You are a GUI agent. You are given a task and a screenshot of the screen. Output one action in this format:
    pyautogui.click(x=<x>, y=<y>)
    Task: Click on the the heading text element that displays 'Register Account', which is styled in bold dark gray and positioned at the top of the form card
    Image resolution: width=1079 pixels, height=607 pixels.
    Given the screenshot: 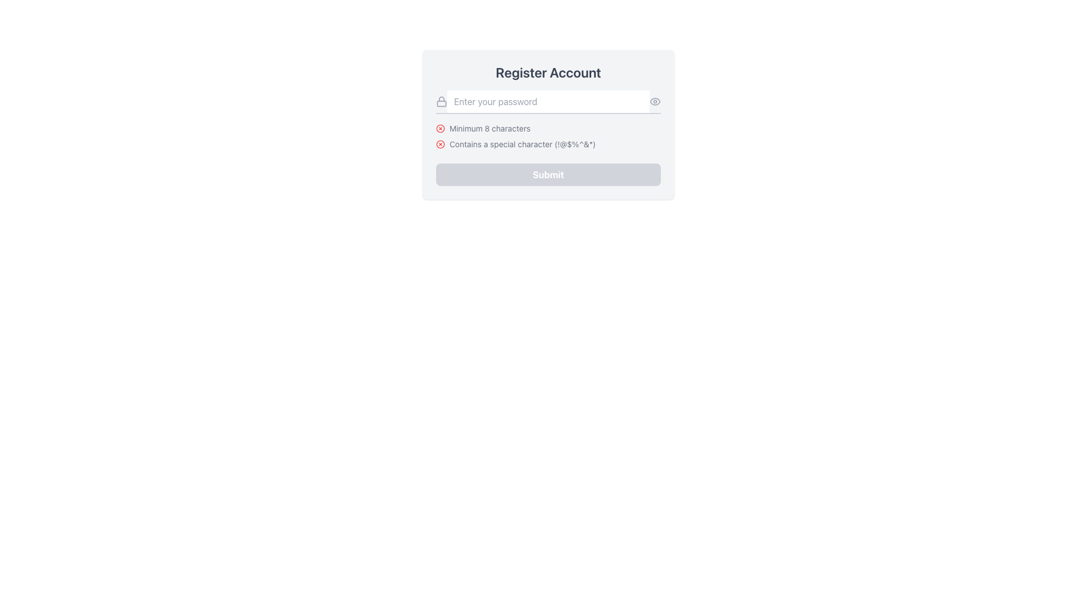 What is the action you would take?
    pyautogui.click(x=548, y=72)
    